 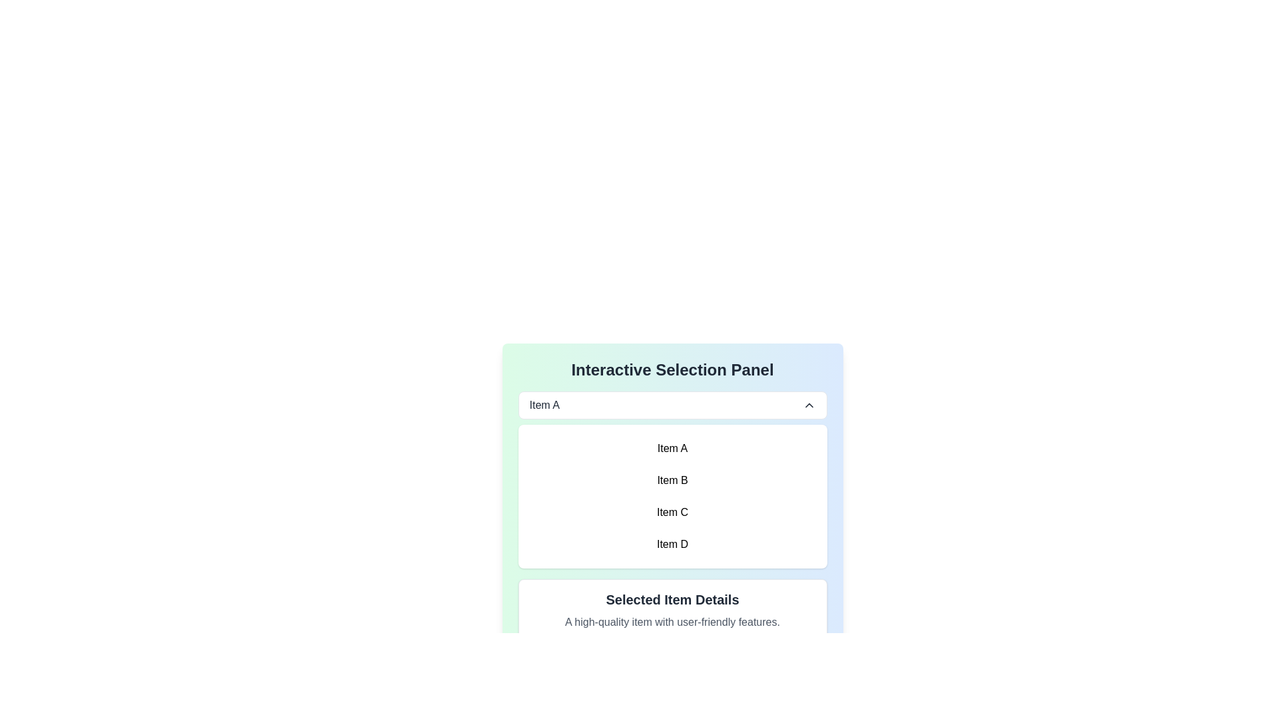 What do you see at coordinates (672, 512) in the screenshot?
I see `the List item element labeled 'Item C', which is the third item in the vertically stacked list within the 'Interactive Selection Panel'` at bounding box center [672, 512].